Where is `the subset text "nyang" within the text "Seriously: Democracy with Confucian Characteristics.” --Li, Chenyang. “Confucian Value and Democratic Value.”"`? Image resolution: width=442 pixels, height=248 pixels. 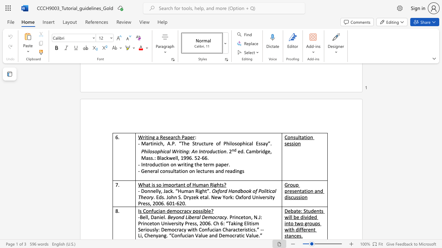
the subset text "nyang" within the text "Seriously: Democracy with Confucian Characteristics.” --Li, Chenyang. “Confucian Value and Democratic Value.”" is located at coordinates (152, 235).